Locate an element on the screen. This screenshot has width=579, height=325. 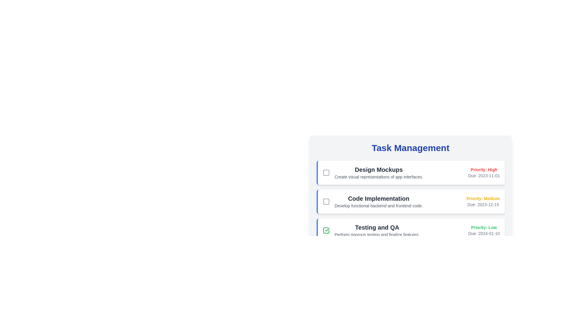
the checkbox that represents the state indicator for the 'Code Implementation' task, positioned directly to the left of its heading is located at coordinates (326, 202).